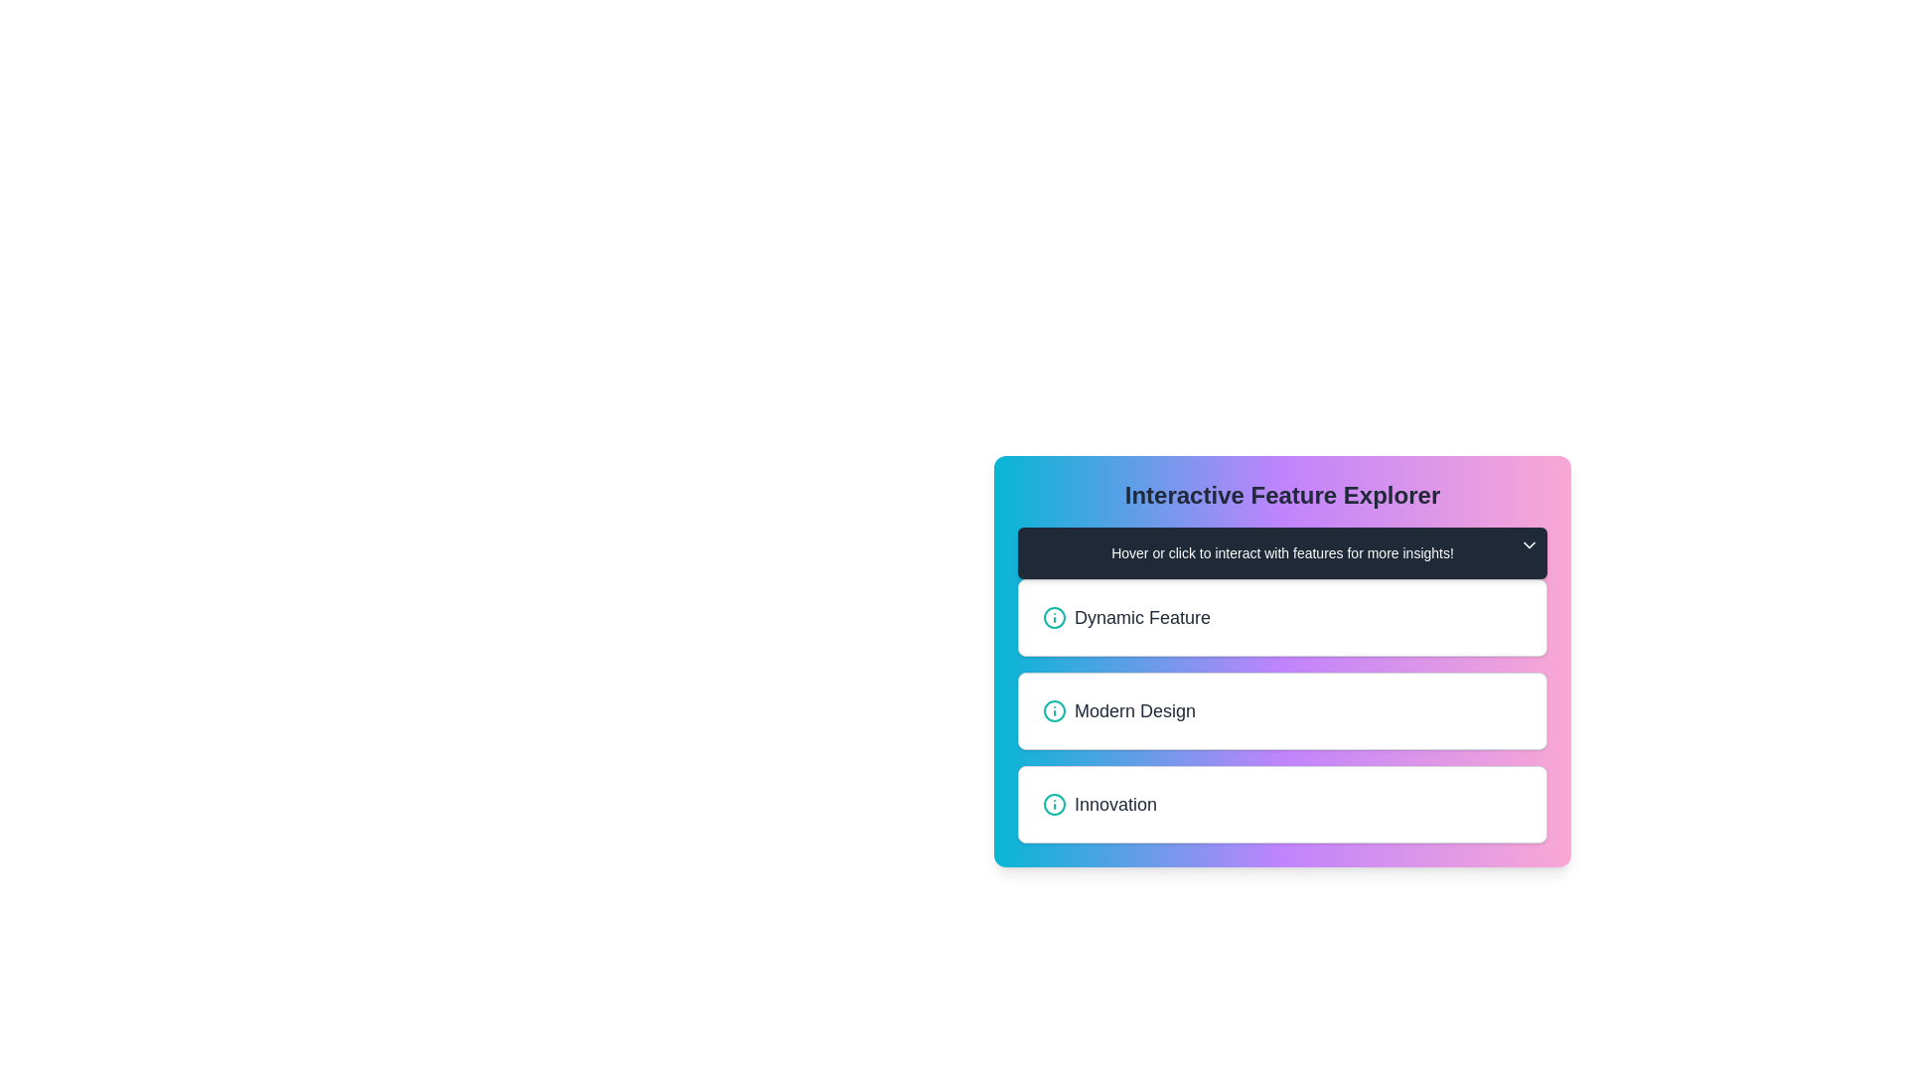 Image resolution: width=1907 pixels, height=1073 pixels. What do you see at coordinates (1282, 710) in the screenshot?
I see `the 'Modern Design' informational card` at bounding box center [1282, 710].